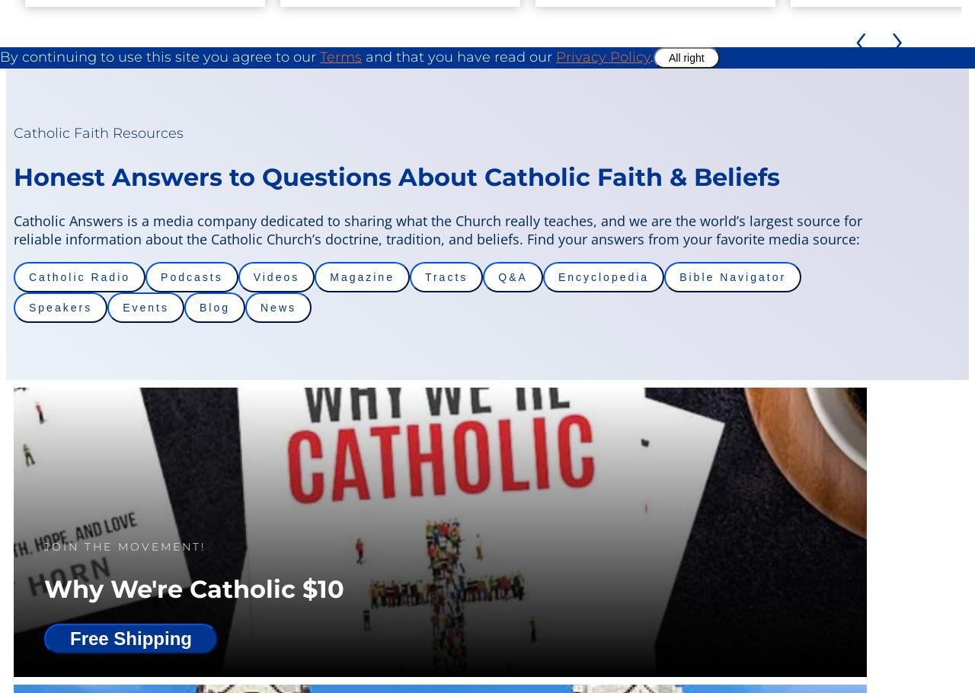  I want to click on 'and that you have read our', so click(458, 56).